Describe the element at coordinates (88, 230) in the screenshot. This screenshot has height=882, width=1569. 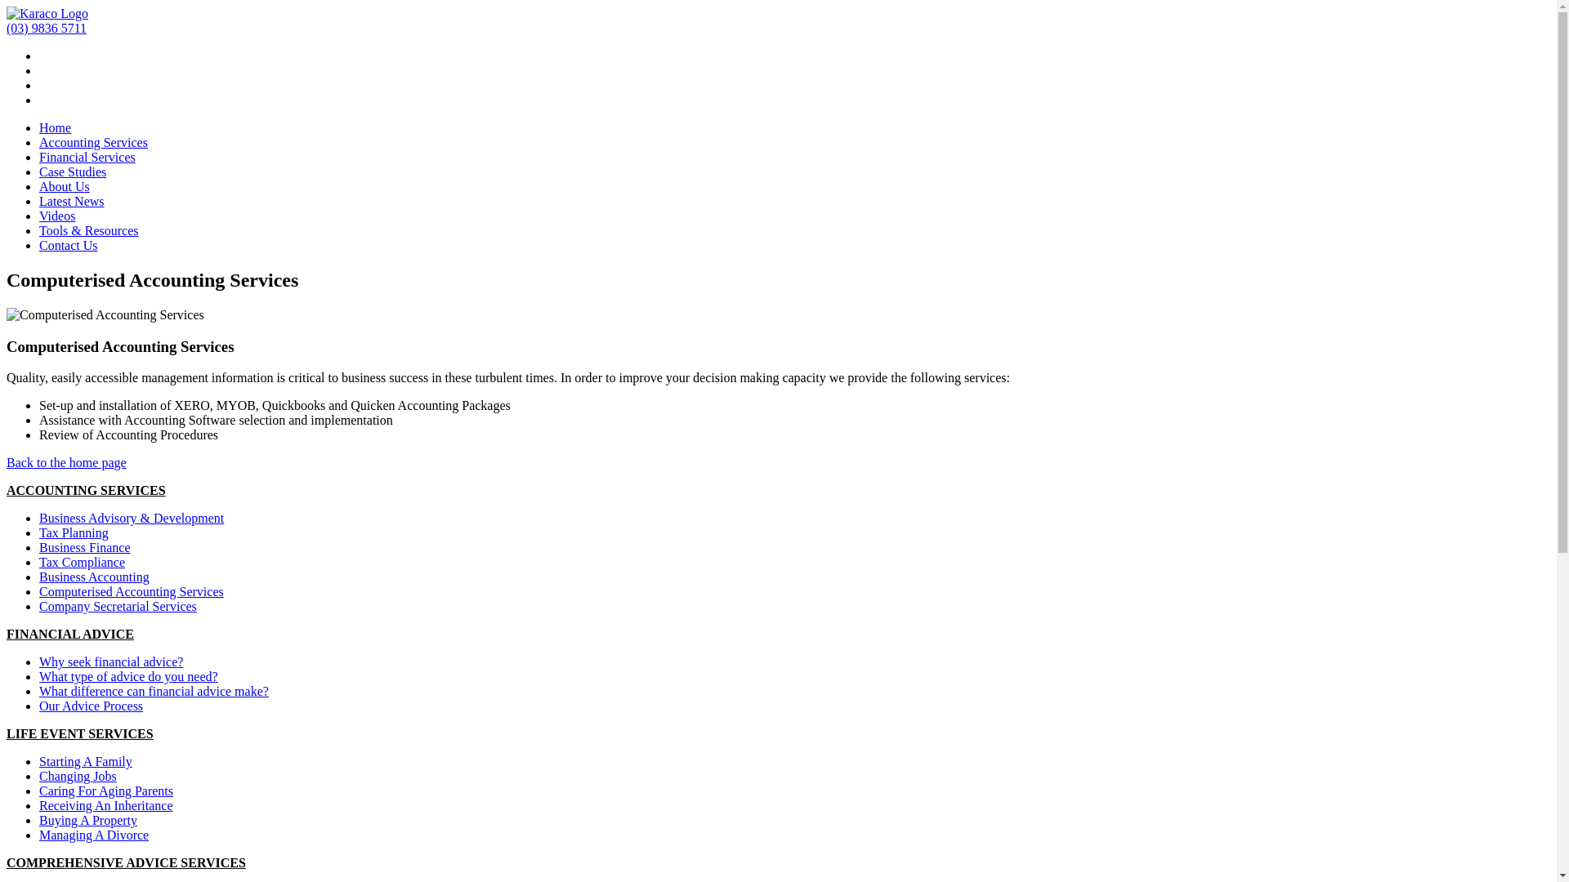
I see `'Tools & Resources'` at that location.